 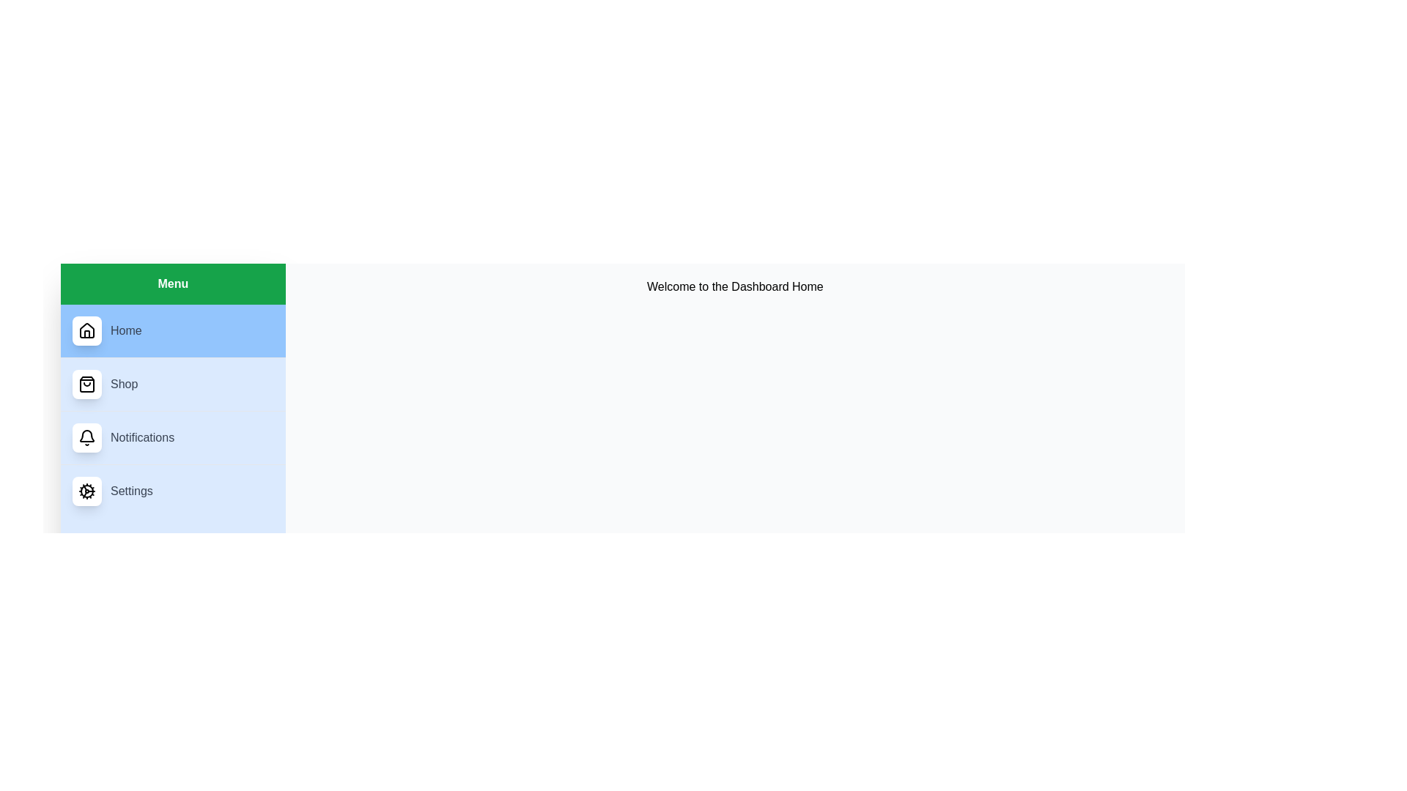 What do you see at coordinates (172, 437) in the screenshot?
I see `the Notifications menu item to navigate to its content` at bounding box center [172, 437].